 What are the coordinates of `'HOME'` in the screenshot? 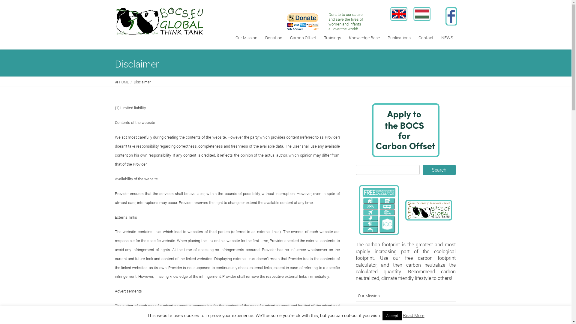 It's located at (121, 82).